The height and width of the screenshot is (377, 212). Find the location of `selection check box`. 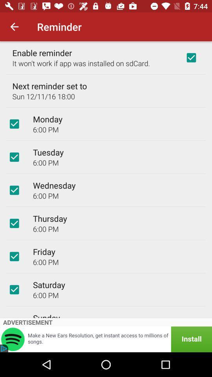

selection check box is located at coordinates (14, 223).